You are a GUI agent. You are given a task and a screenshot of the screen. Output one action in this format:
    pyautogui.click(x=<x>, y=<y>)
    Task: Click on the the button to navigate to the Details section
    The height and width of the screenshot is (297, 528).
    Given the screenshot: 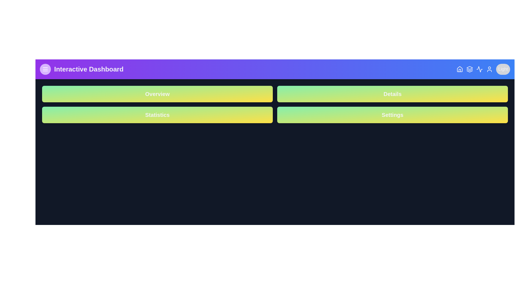 What is the action you would take?
    pyautogui.click(x=392, y=94)
    